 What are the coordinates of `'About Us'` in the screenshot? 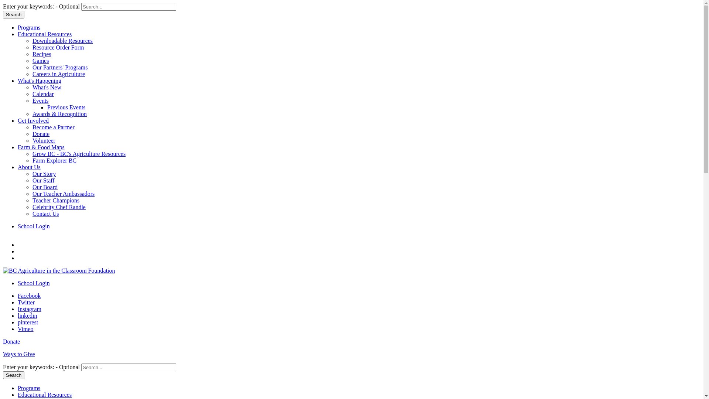 It's located at (29, 167).